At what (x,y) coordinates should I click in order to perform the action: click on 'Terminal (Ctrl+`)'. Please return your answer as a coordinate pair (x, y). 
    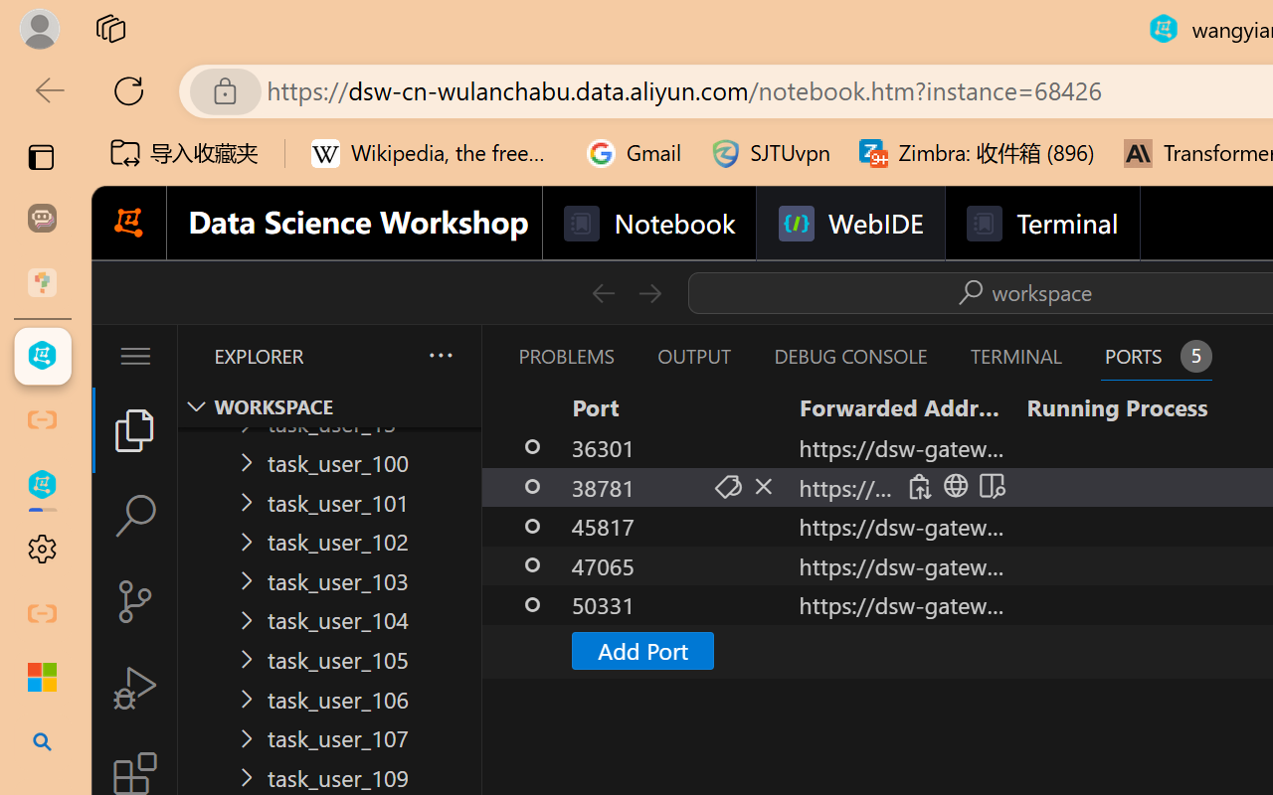
    Looking at the image, I should click on (1015, 356).